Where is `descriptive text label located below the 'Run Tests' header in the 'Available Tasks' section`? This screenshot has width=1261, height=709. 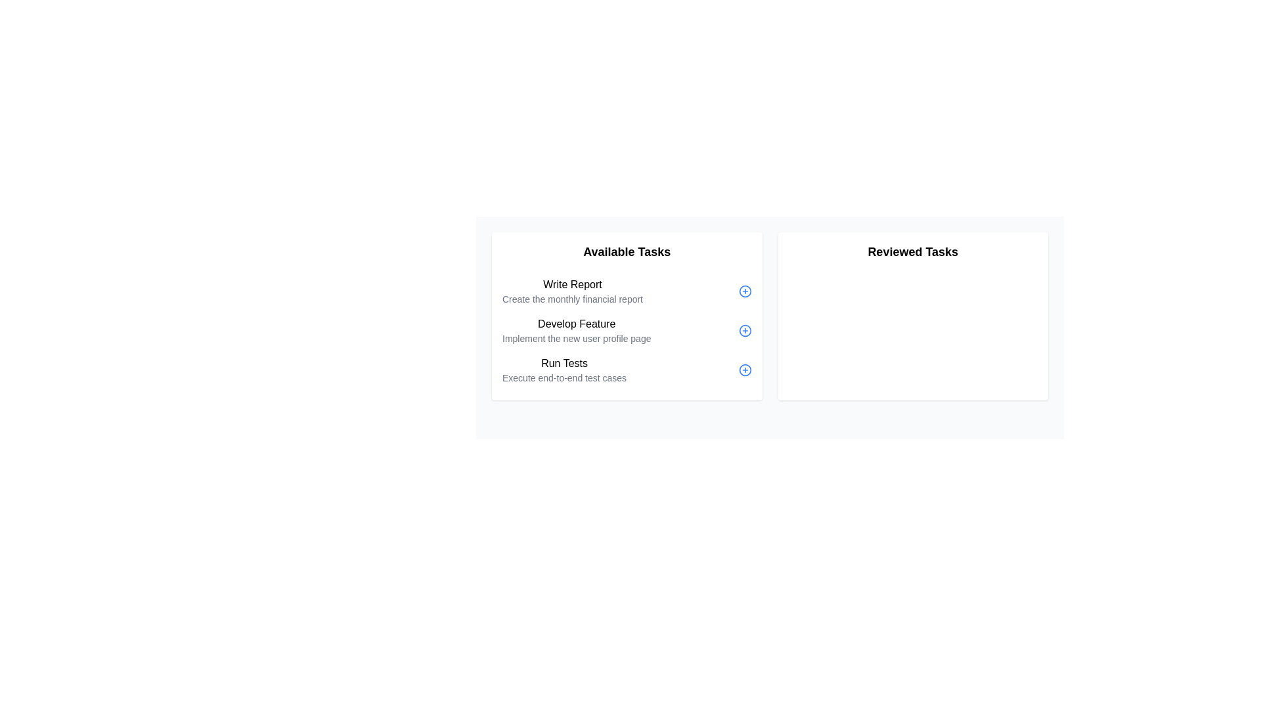
descriptive text label located below the 'Run Tests' header in the 'Available Tasks' section is located at coordinates (564, 377).